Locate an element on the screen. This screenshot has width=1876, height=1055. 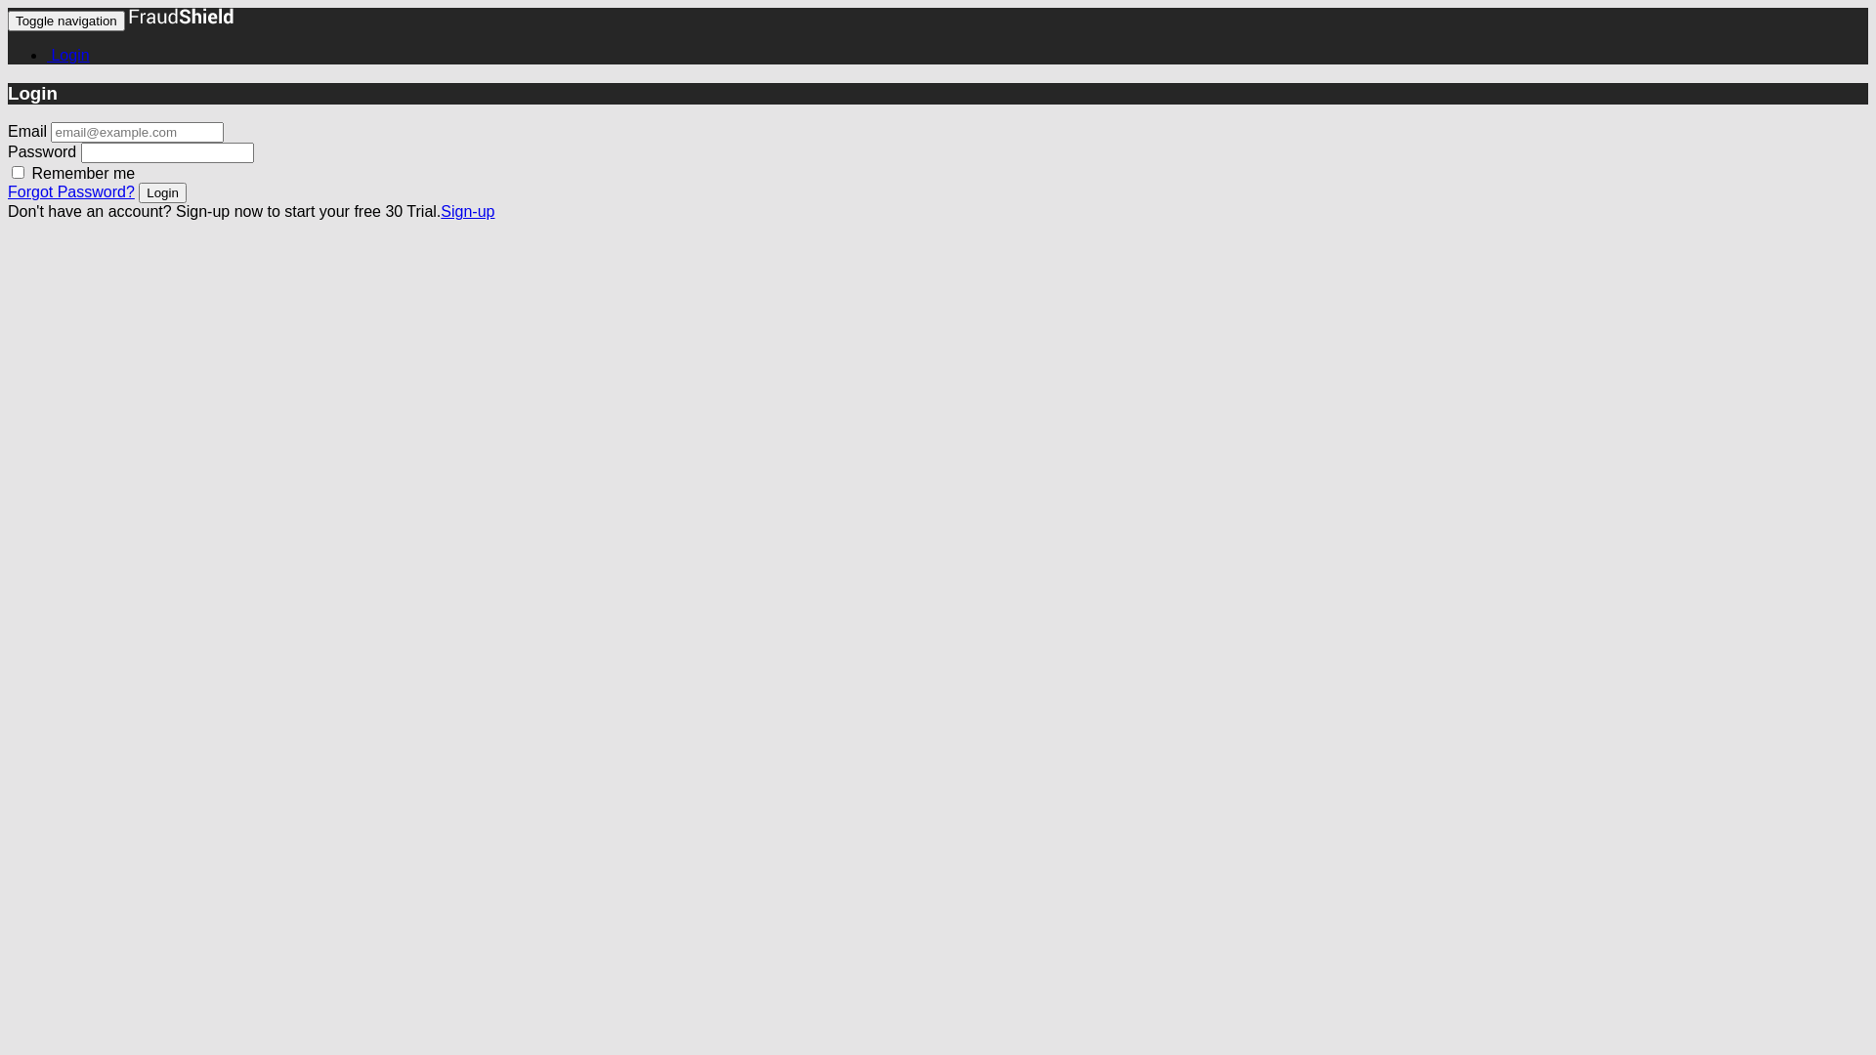
'Forgot Password?' is located at coordinates (70, 191).